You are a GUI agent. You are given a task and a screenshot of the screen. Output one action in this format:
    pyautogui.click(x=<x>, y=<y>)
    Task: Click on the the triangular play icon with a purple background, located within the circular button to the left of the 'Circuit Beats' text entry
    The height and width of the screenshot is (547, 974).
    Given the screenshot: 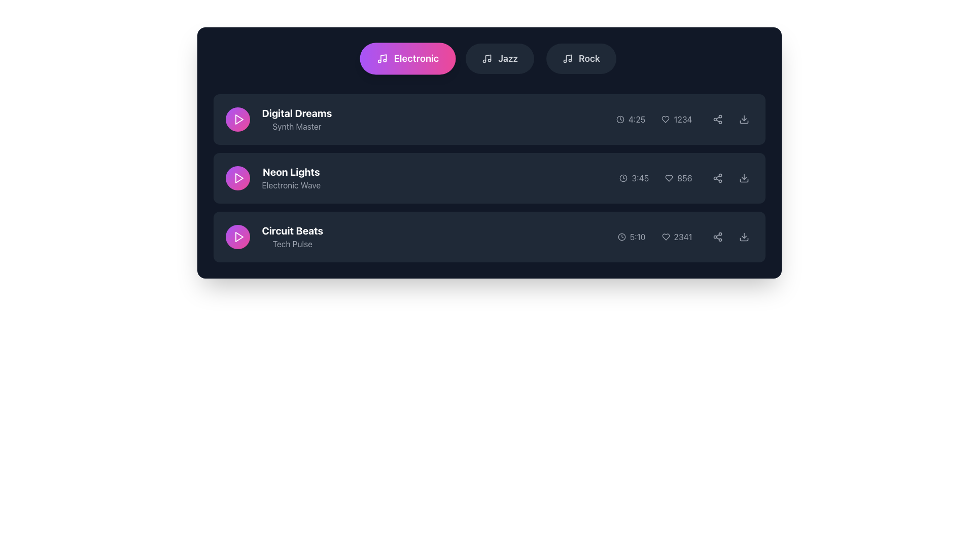 What is the action you would take?
    pyautogui.click(x=238, y=237)
    